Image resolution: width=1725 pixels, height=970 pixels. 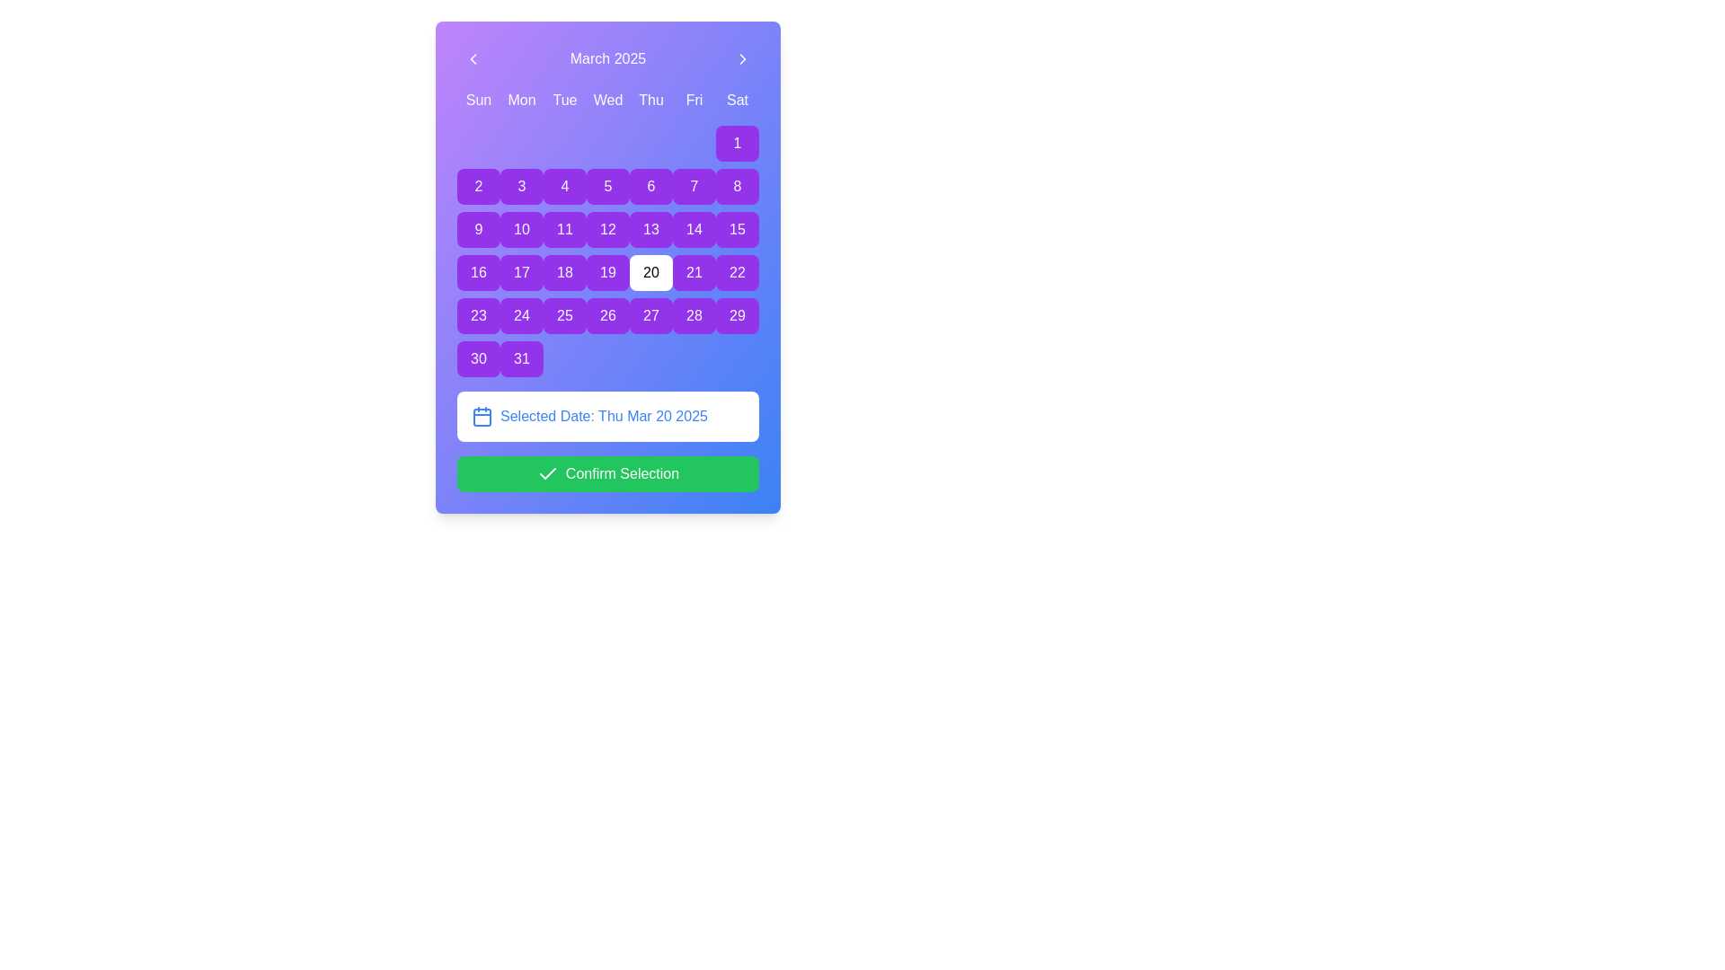 What do you see at coordinates (473, 57) in the screenshot?
I see `the button used to navigate to the previous month in the calendar interface, located at the top-left region next to the 'March 2025' label` at bounding box center [473, 57].